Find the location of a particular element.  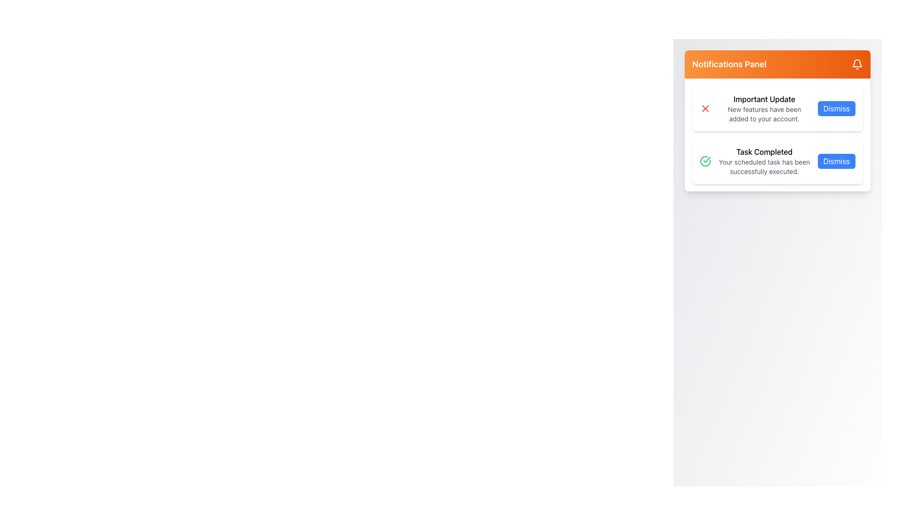

the dismiss button located in the 'Task Completed' section of the notification panel is located at coordinates (836, 161).